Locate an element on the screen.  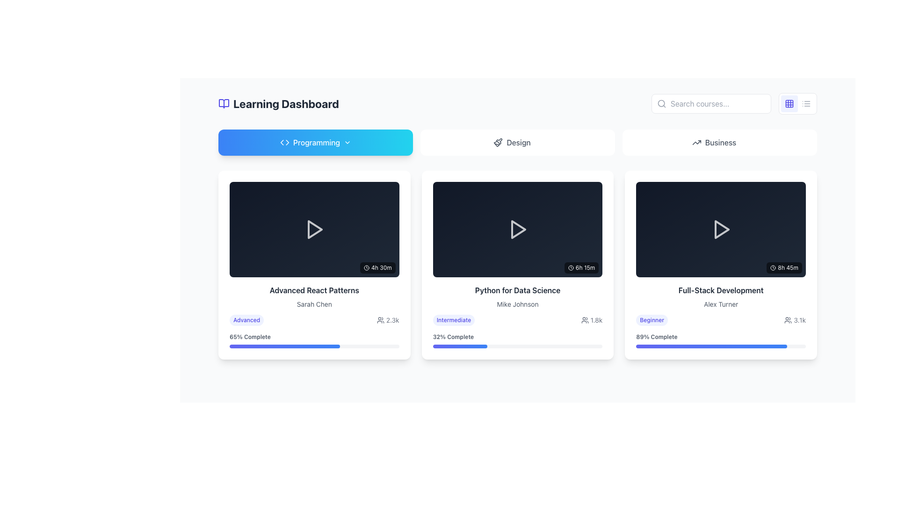
the skill level (Intermediate) and participant count (1.8k) text label below the course title 'Python for Data Science' on the learning dashboard is located at coordinates (517, 320).